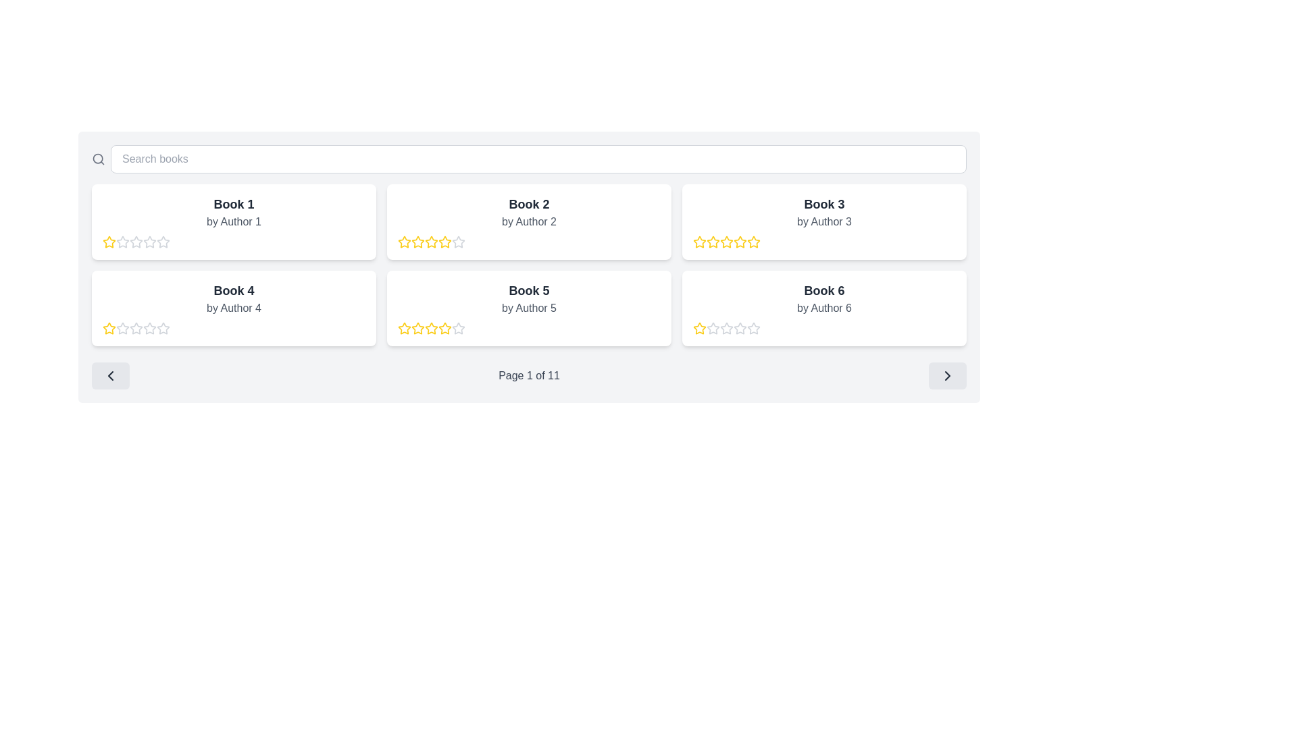 The height and width of the screenshot is (729, 1297). What do you see at coordinates (234, 328) in the screenshot?
I see `the Rating component representing 'Book 4' located below the text 'Book 4' and 'by Author 4' for accessibility purposes` at bounding box center [234, 328].